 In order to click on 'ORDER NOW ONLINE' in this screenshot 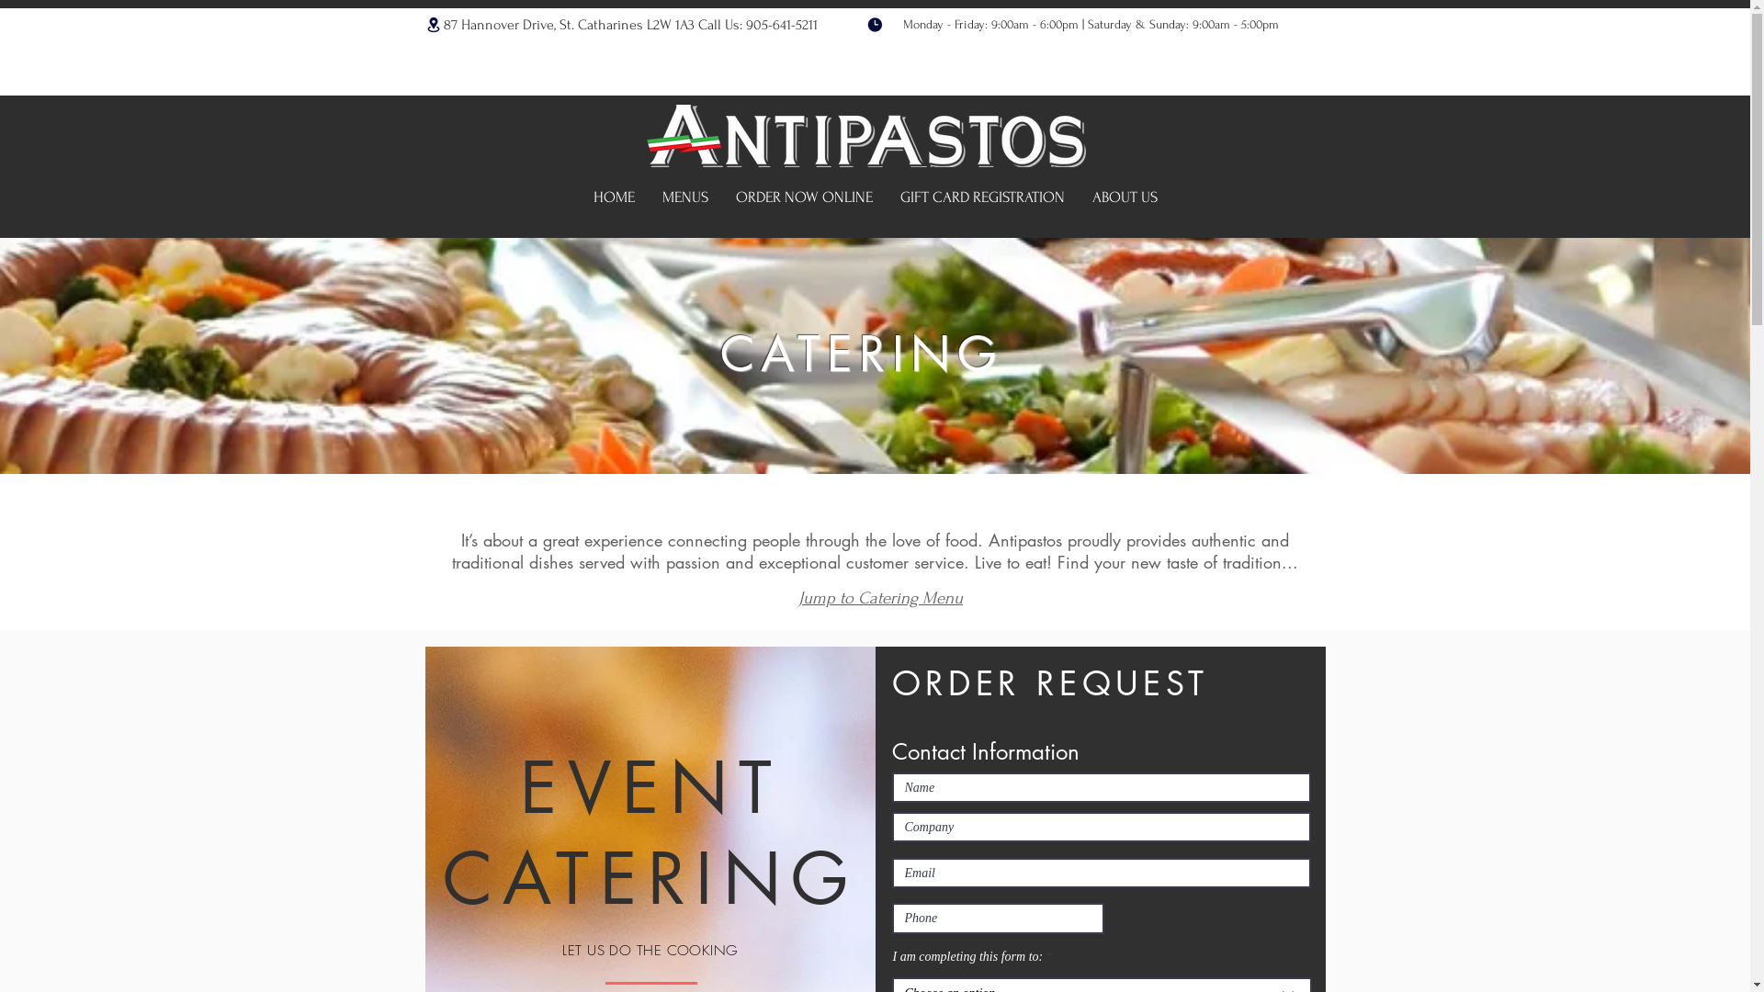, I will do `click(804, 197)`.